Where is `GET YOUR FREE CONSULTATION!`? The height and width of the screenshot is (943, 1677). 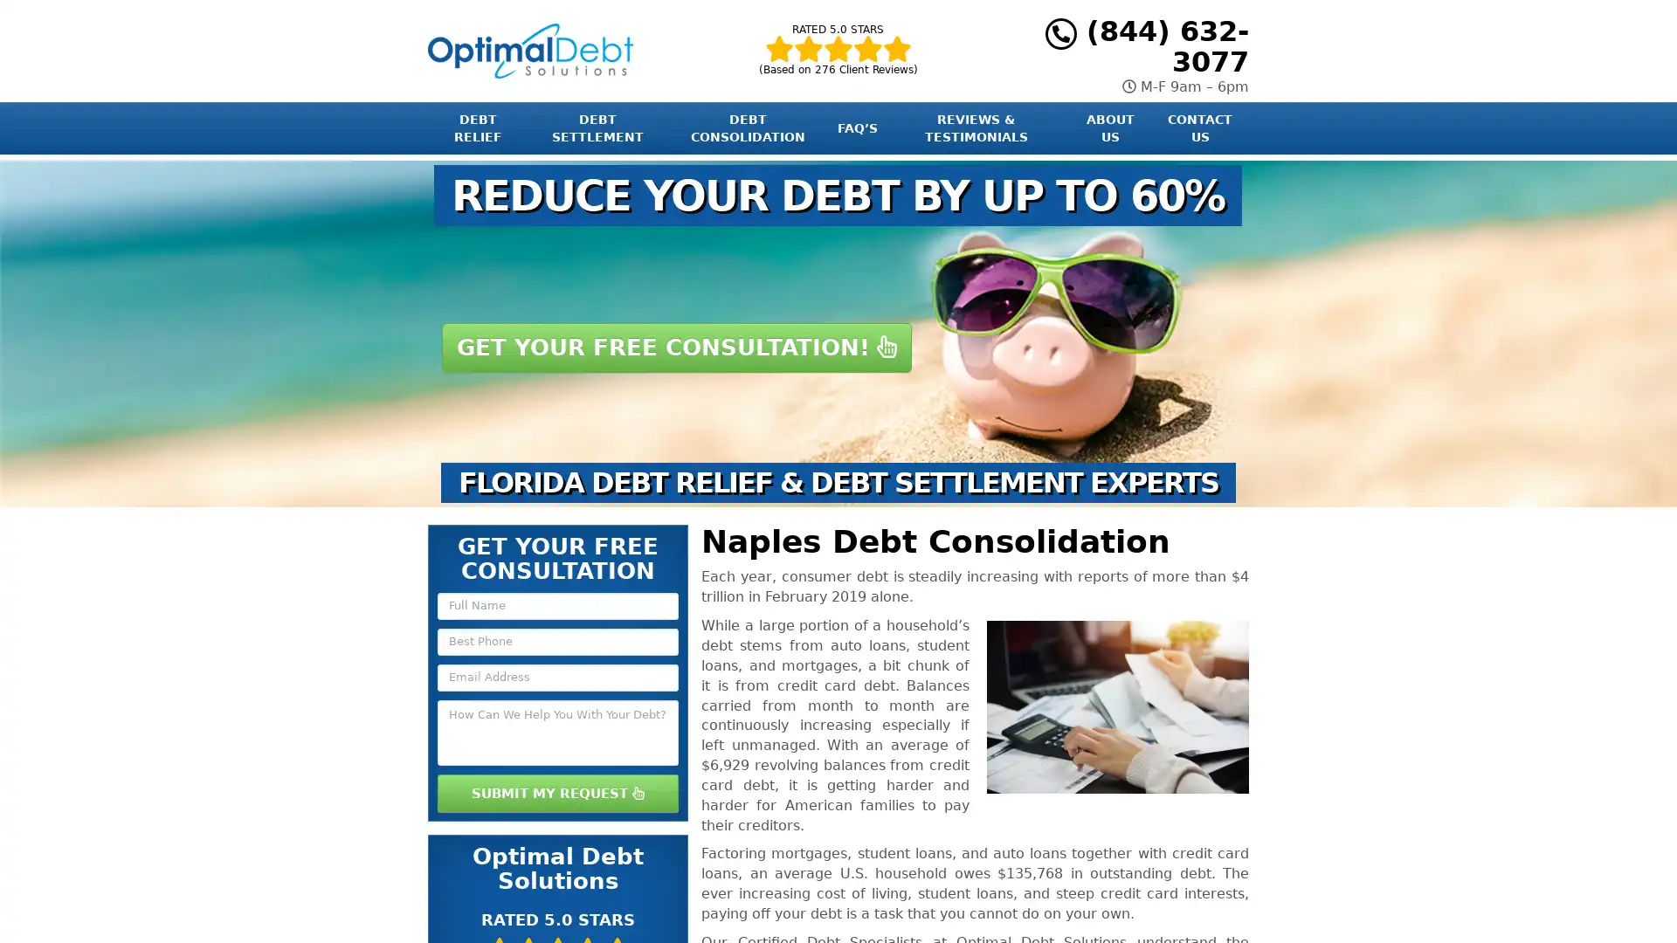
GET YOUR FREE CONSULTATION! is located at coordinates (675, 347).